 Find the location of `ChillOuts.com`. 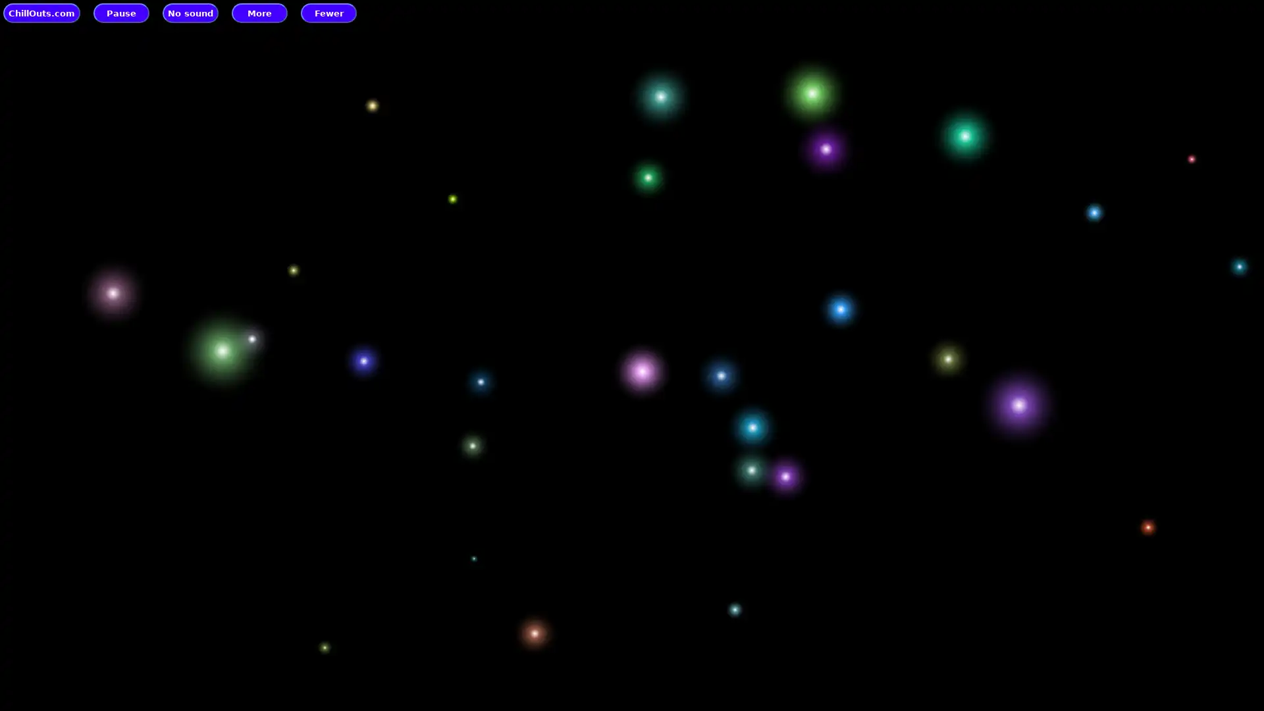

ChillOuts.com is located at coordinates (41, 13).